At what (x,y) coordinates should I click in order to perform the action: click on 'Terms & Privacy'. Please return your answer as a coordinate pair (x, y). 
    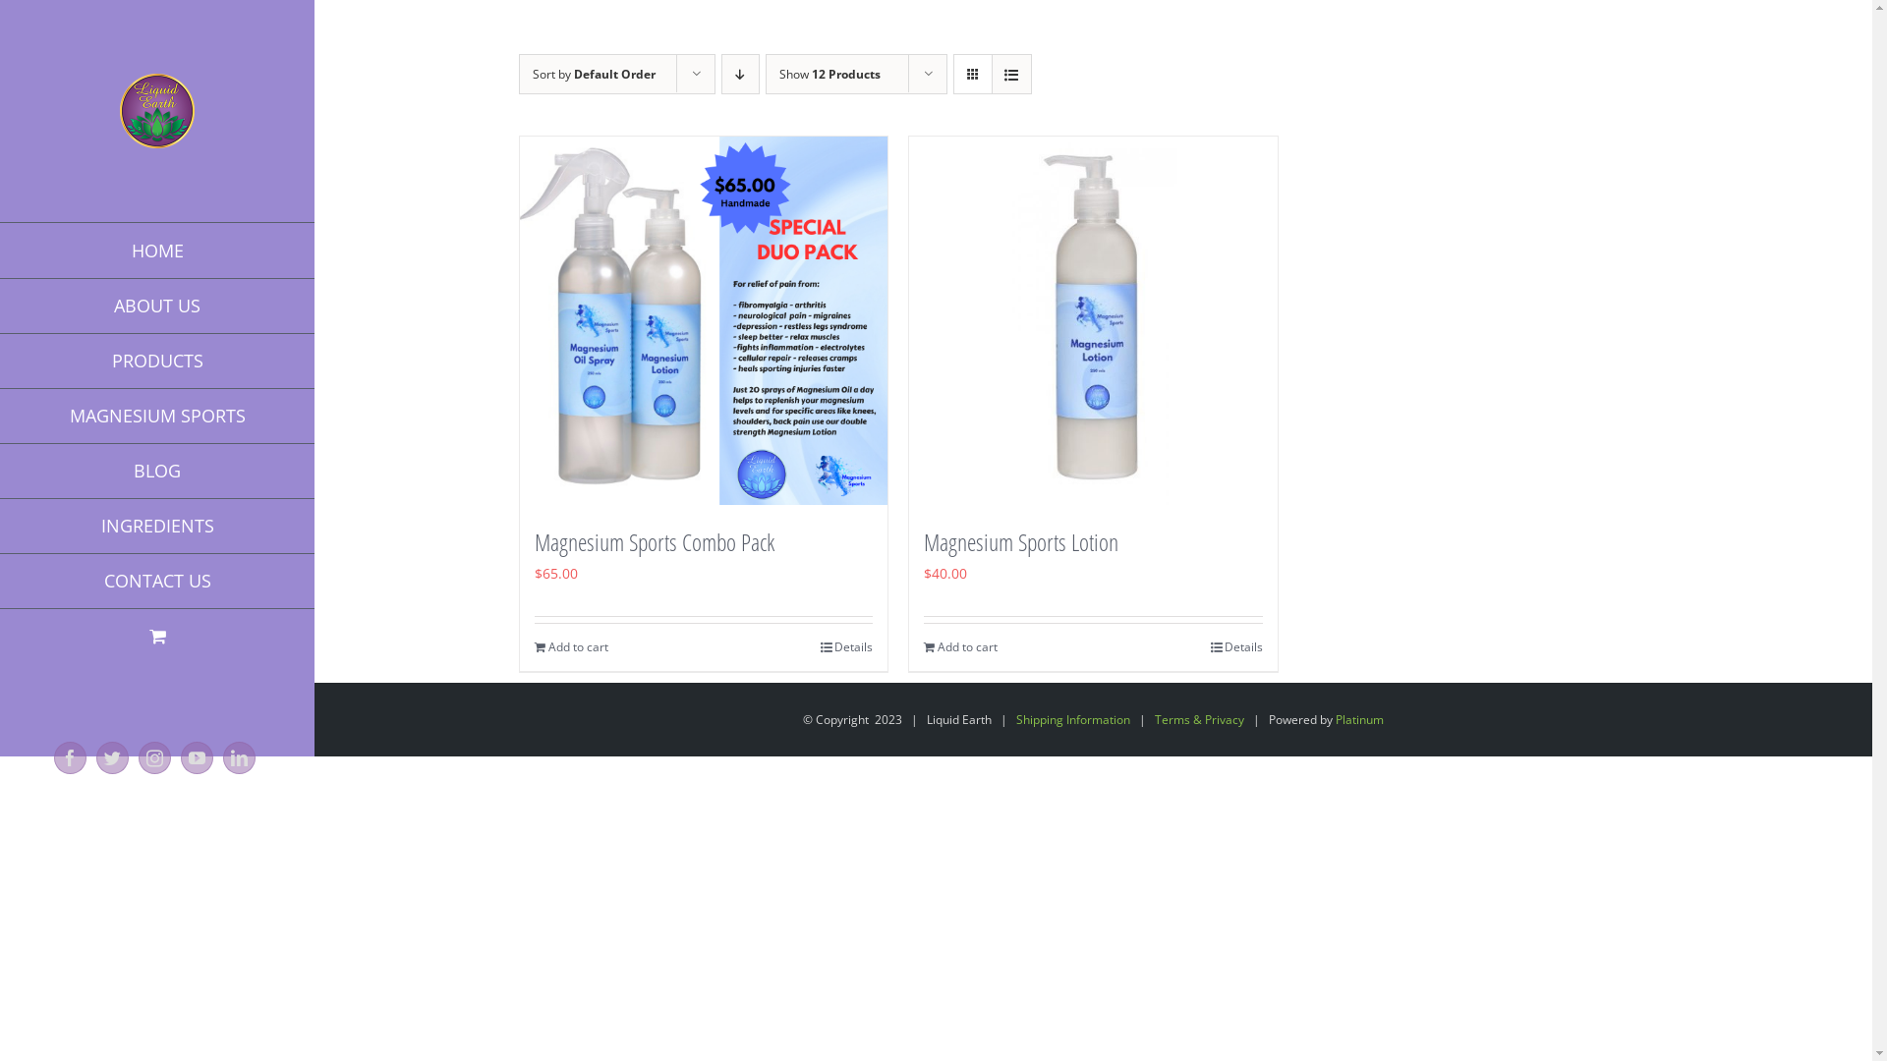
    Looking at the image, I should click on (1155, 719).